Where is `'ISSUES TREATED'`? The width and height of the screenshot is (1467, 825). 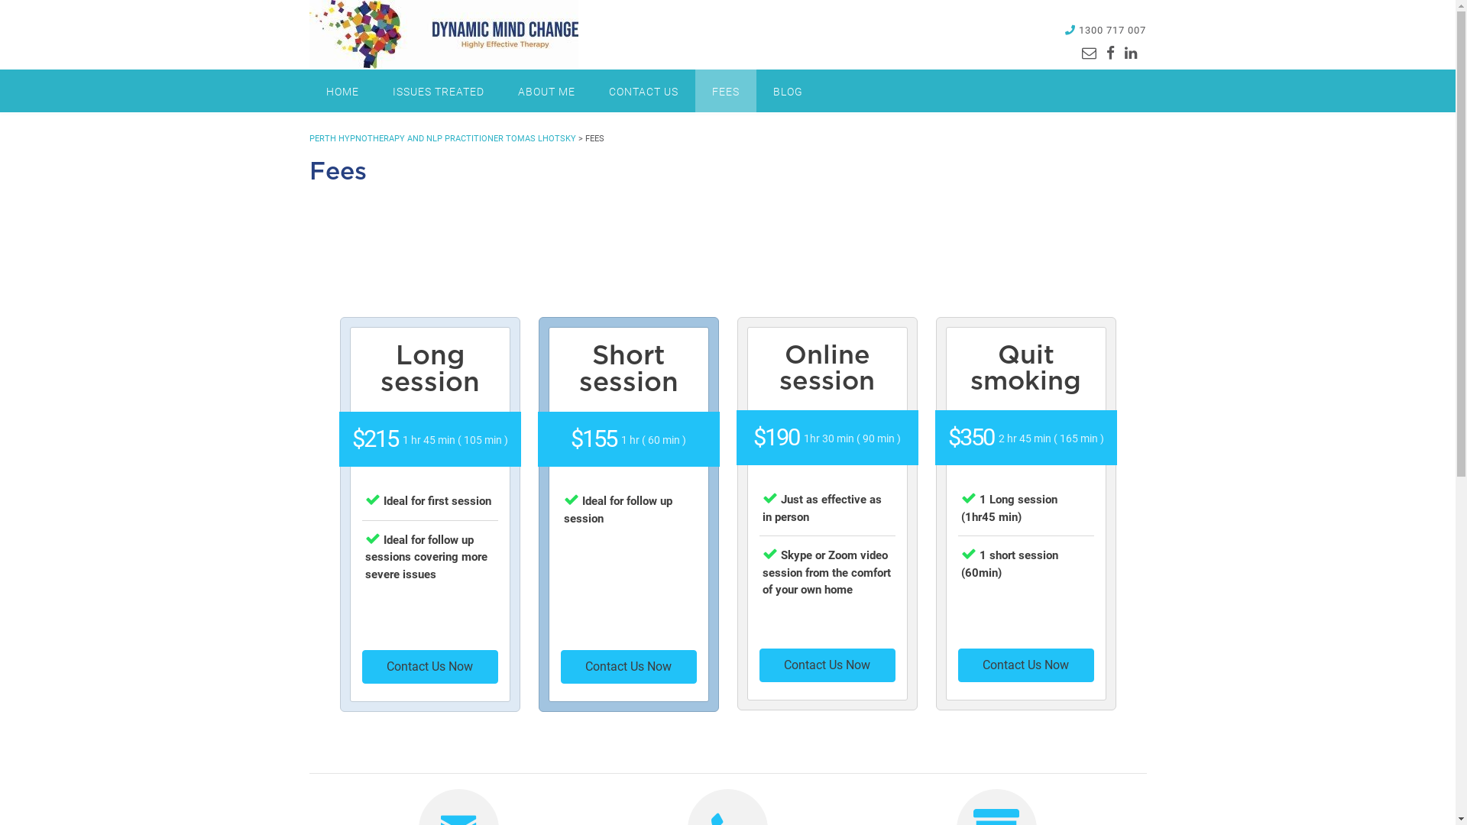
'ISSUES TREATED' is located at coordinates (438, 91).